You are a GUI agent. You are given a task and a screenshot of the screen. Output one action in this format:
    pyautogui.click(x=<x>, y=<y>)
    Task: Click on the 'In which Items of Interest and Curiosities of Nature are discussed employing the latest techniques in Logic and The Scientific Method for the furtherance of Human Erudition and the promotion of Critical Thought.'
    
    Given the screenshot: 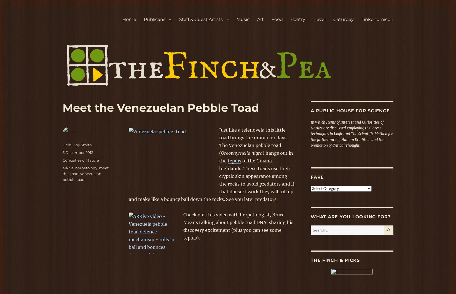 What is the action you would take?
    pyautogui.click(x=352, y=134)
    